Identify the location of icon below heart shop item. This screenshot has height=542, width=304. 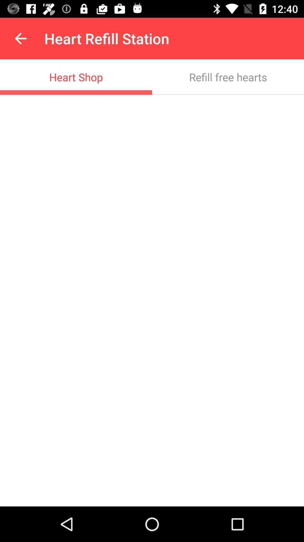
(152, 300).